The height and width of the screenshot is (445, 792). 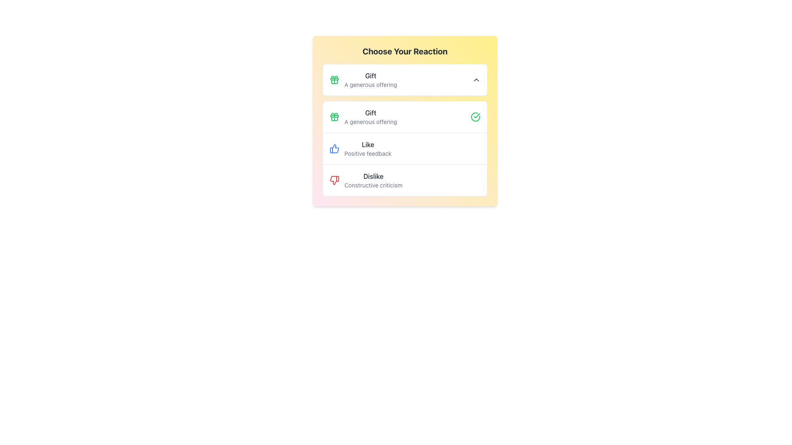 I want to click on descriptive text of the label indicating a positive feedback option located between the second 'Gift' option and the 'Dislike' option, so click(x=368, y=149).